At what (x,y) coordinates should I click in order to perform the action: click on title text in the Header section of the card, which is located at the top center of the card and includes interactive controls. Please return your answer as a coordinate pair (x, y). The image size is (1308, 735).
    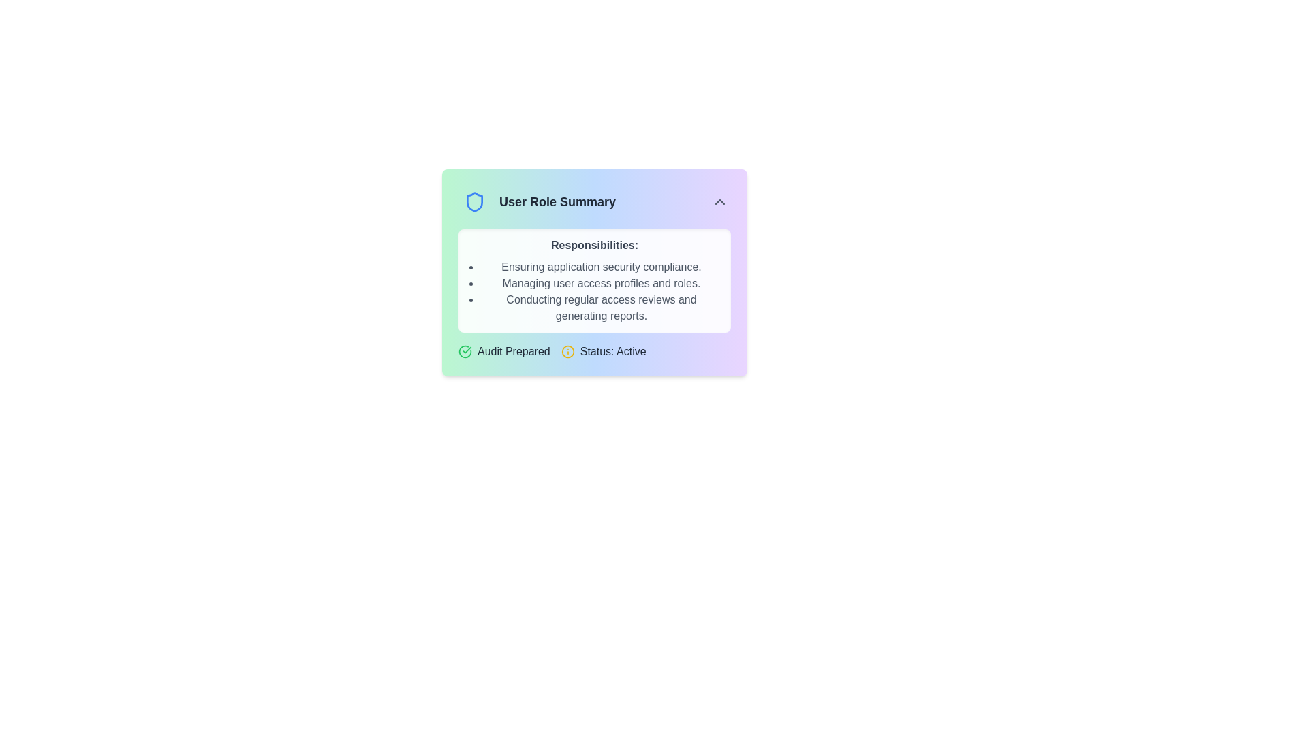
    Looking at the image, I should click on (595, 202).